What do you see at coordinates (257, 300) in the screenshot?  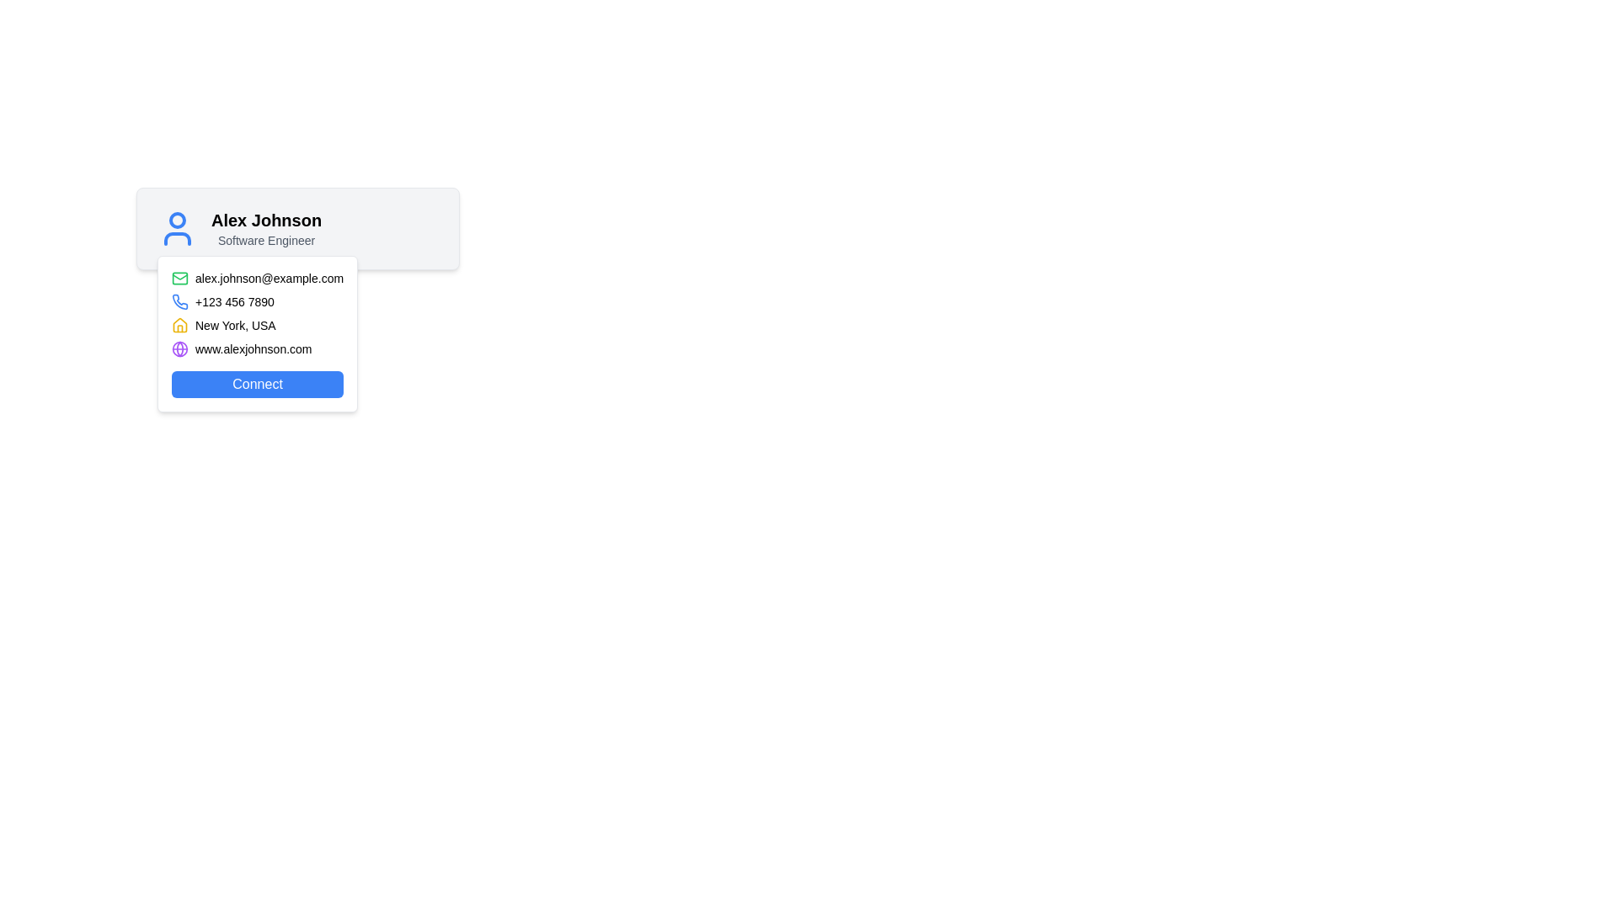 I see `the contact information block displaying the user's phone number, which is the second item in a vertical list within a card layout` at bounding box center [257, 300].